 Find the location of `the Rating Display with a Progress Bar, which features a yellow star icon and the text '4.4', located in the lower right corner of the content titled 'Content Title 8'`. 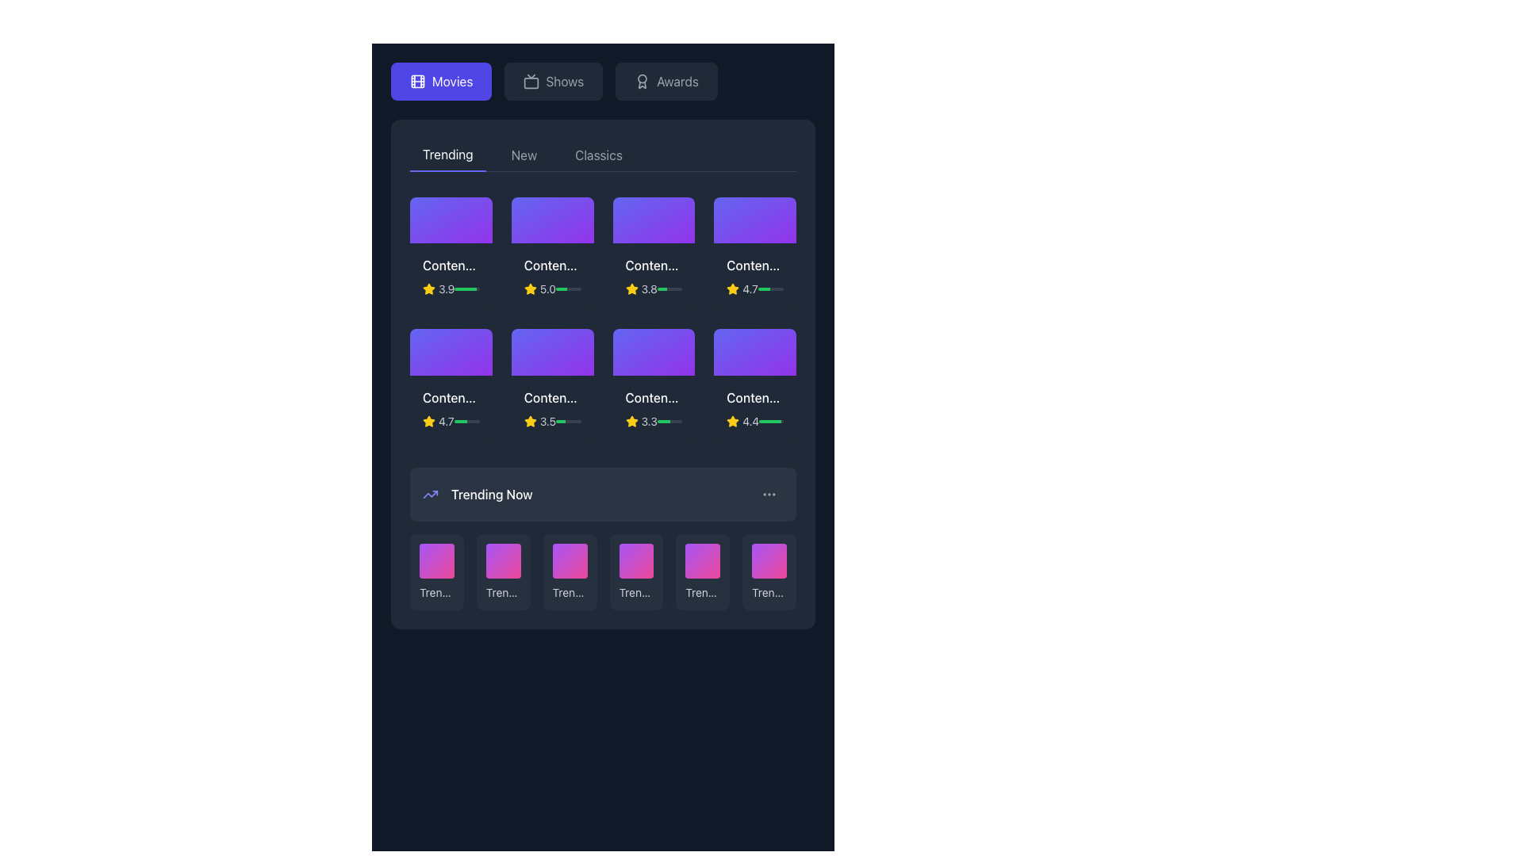

the Rating Display with a Progress Bar, which features a yellow star icon and the text '4.4', located in the lower right corner of the content titled 'Content Title 8' is located at coordinates (754, 420).